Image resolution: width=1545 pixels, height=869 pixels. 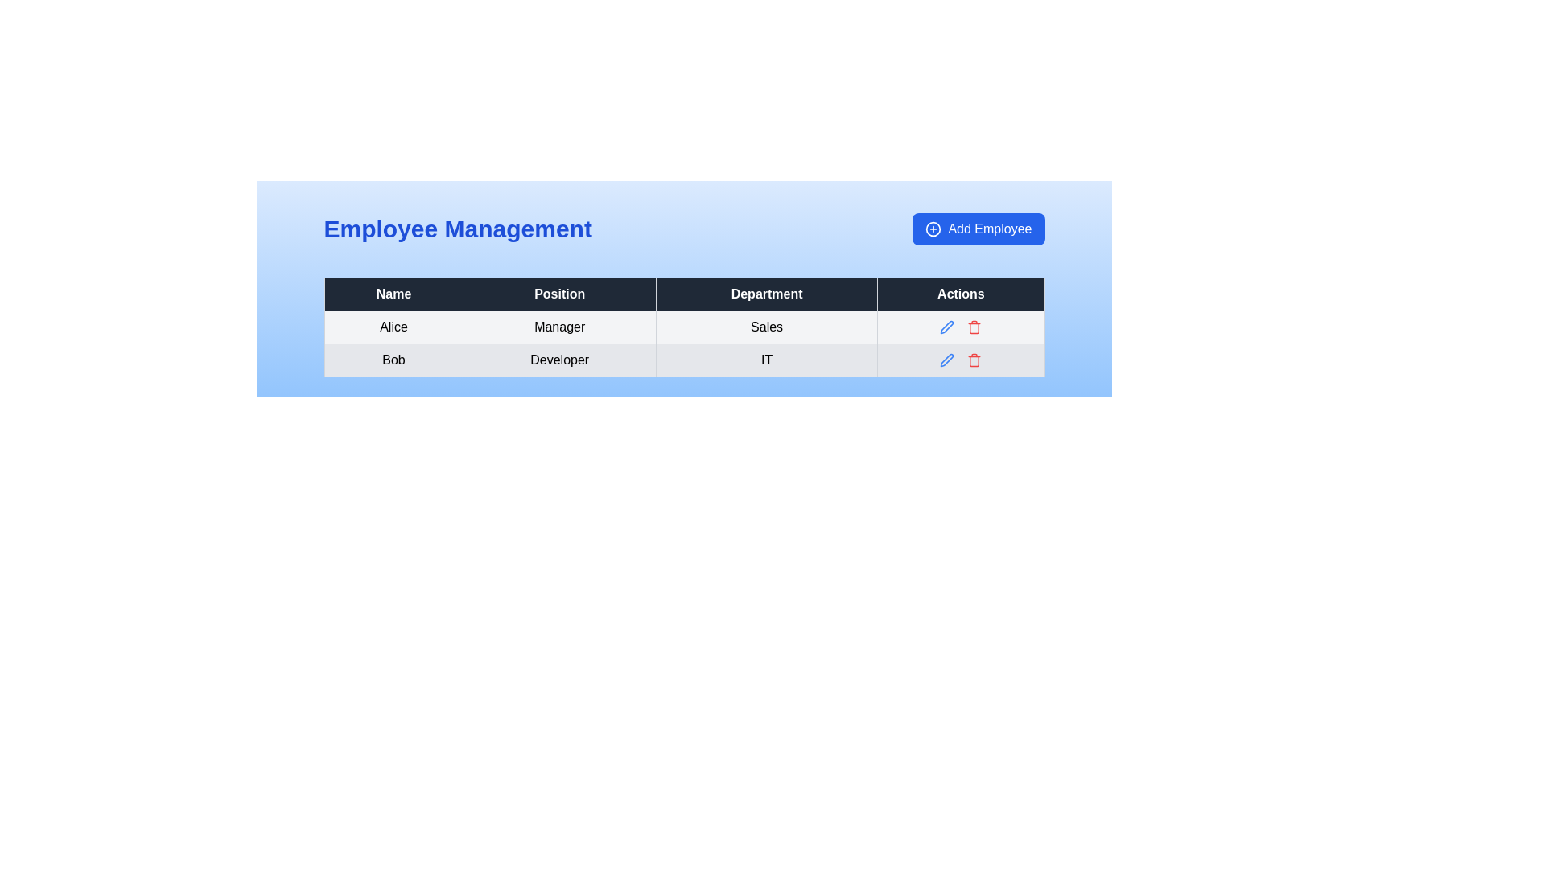 What do you see at coordinates (961, 294) in the screenshot?
I see `the 'Actions' table header cell, which is styled with a dark background and white font, located at the top of the table structure containing 'Name', 'Position', and 'Department' columns` at bounding box center [961, 294].